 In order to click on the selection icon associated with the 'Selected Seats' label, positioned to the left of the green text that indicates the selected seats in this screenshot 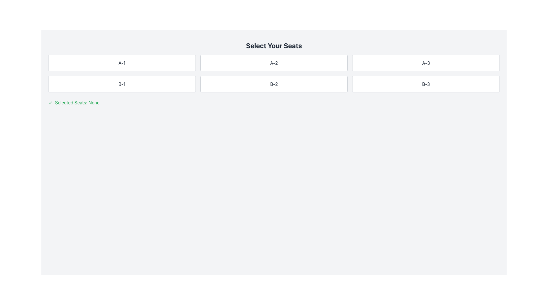, I will do `click(51, 102)`.